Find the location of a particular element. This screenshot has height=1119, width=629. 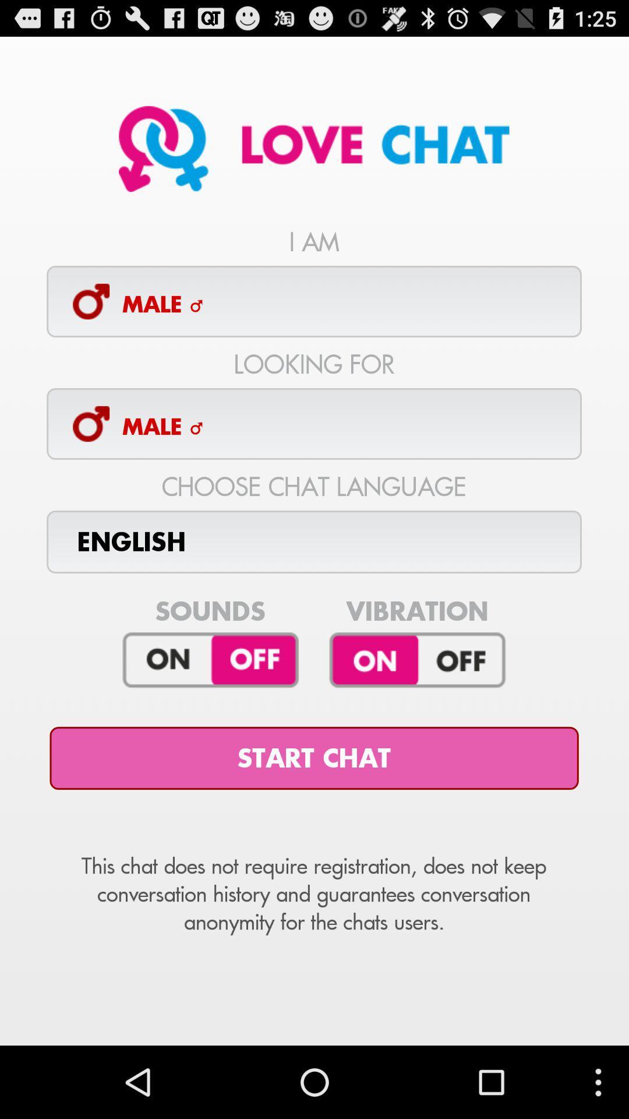

sounds on or off option is located at coordinates (210, 660).